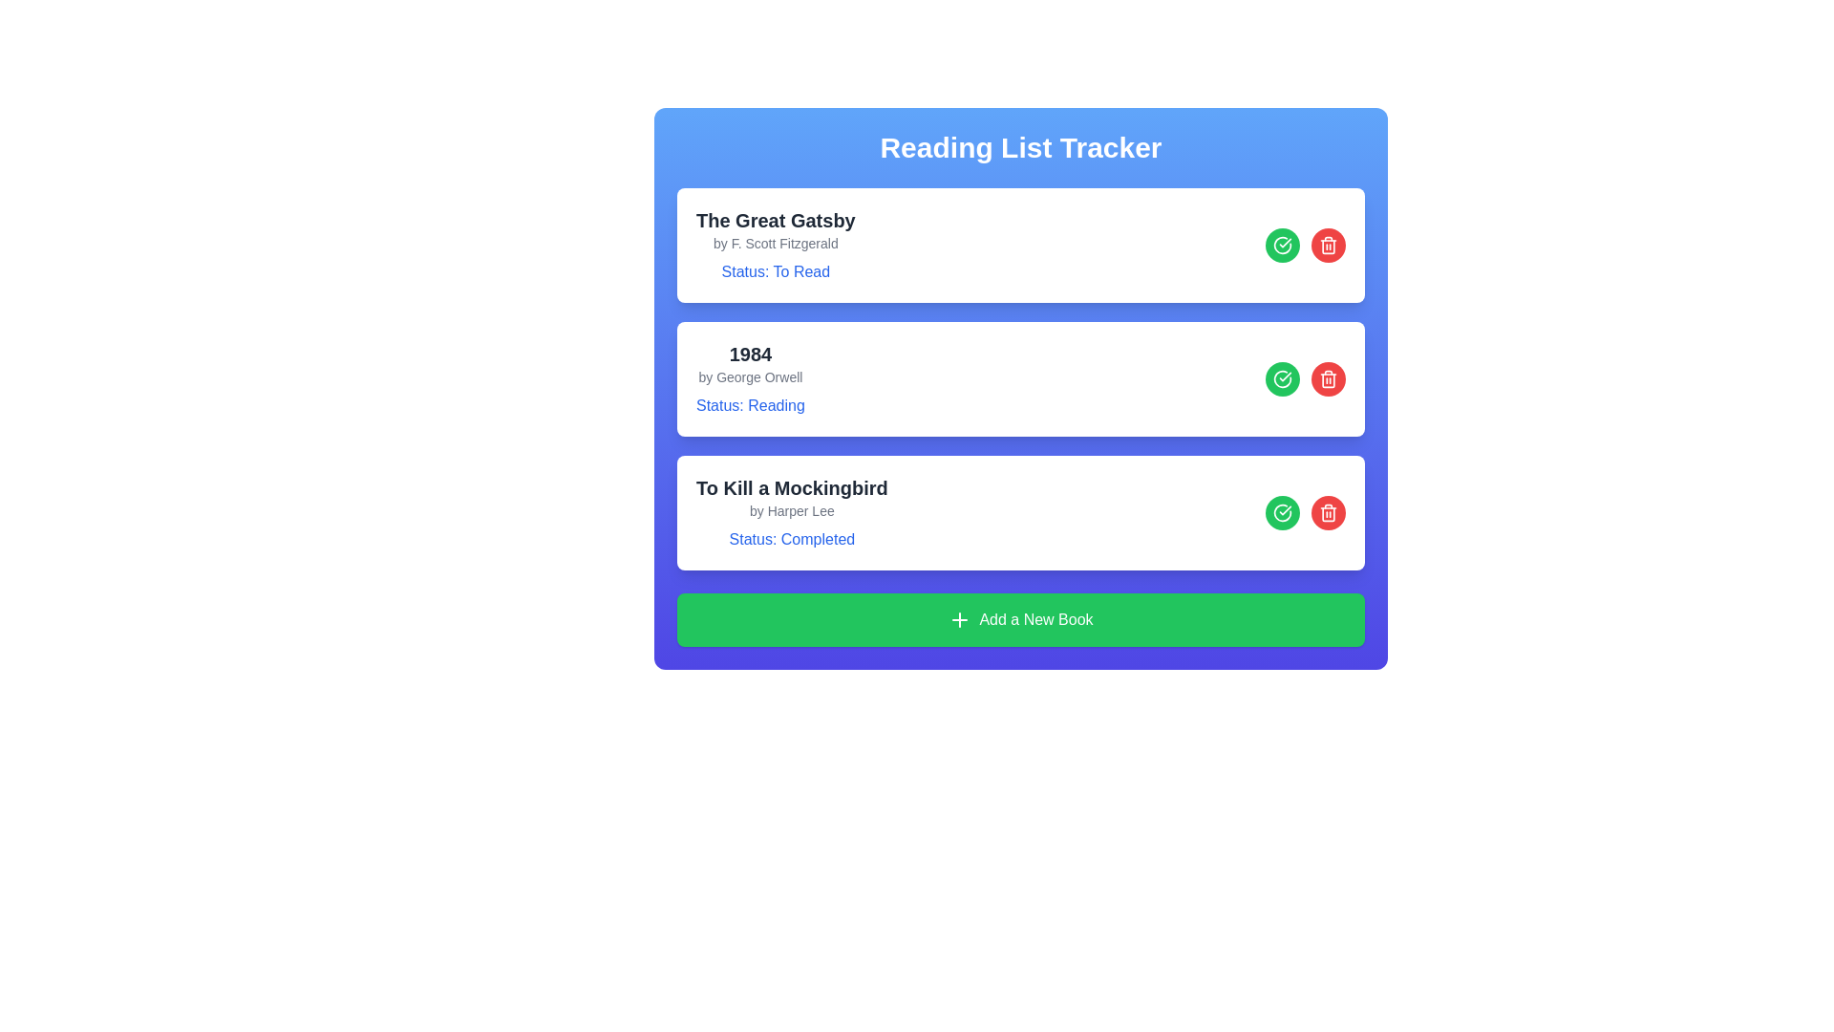 This screenshot has width=1834, height=1032. I want to click on the delete button associated with the book entry 'To Kill a Mockingbird', so click(1328, 511).